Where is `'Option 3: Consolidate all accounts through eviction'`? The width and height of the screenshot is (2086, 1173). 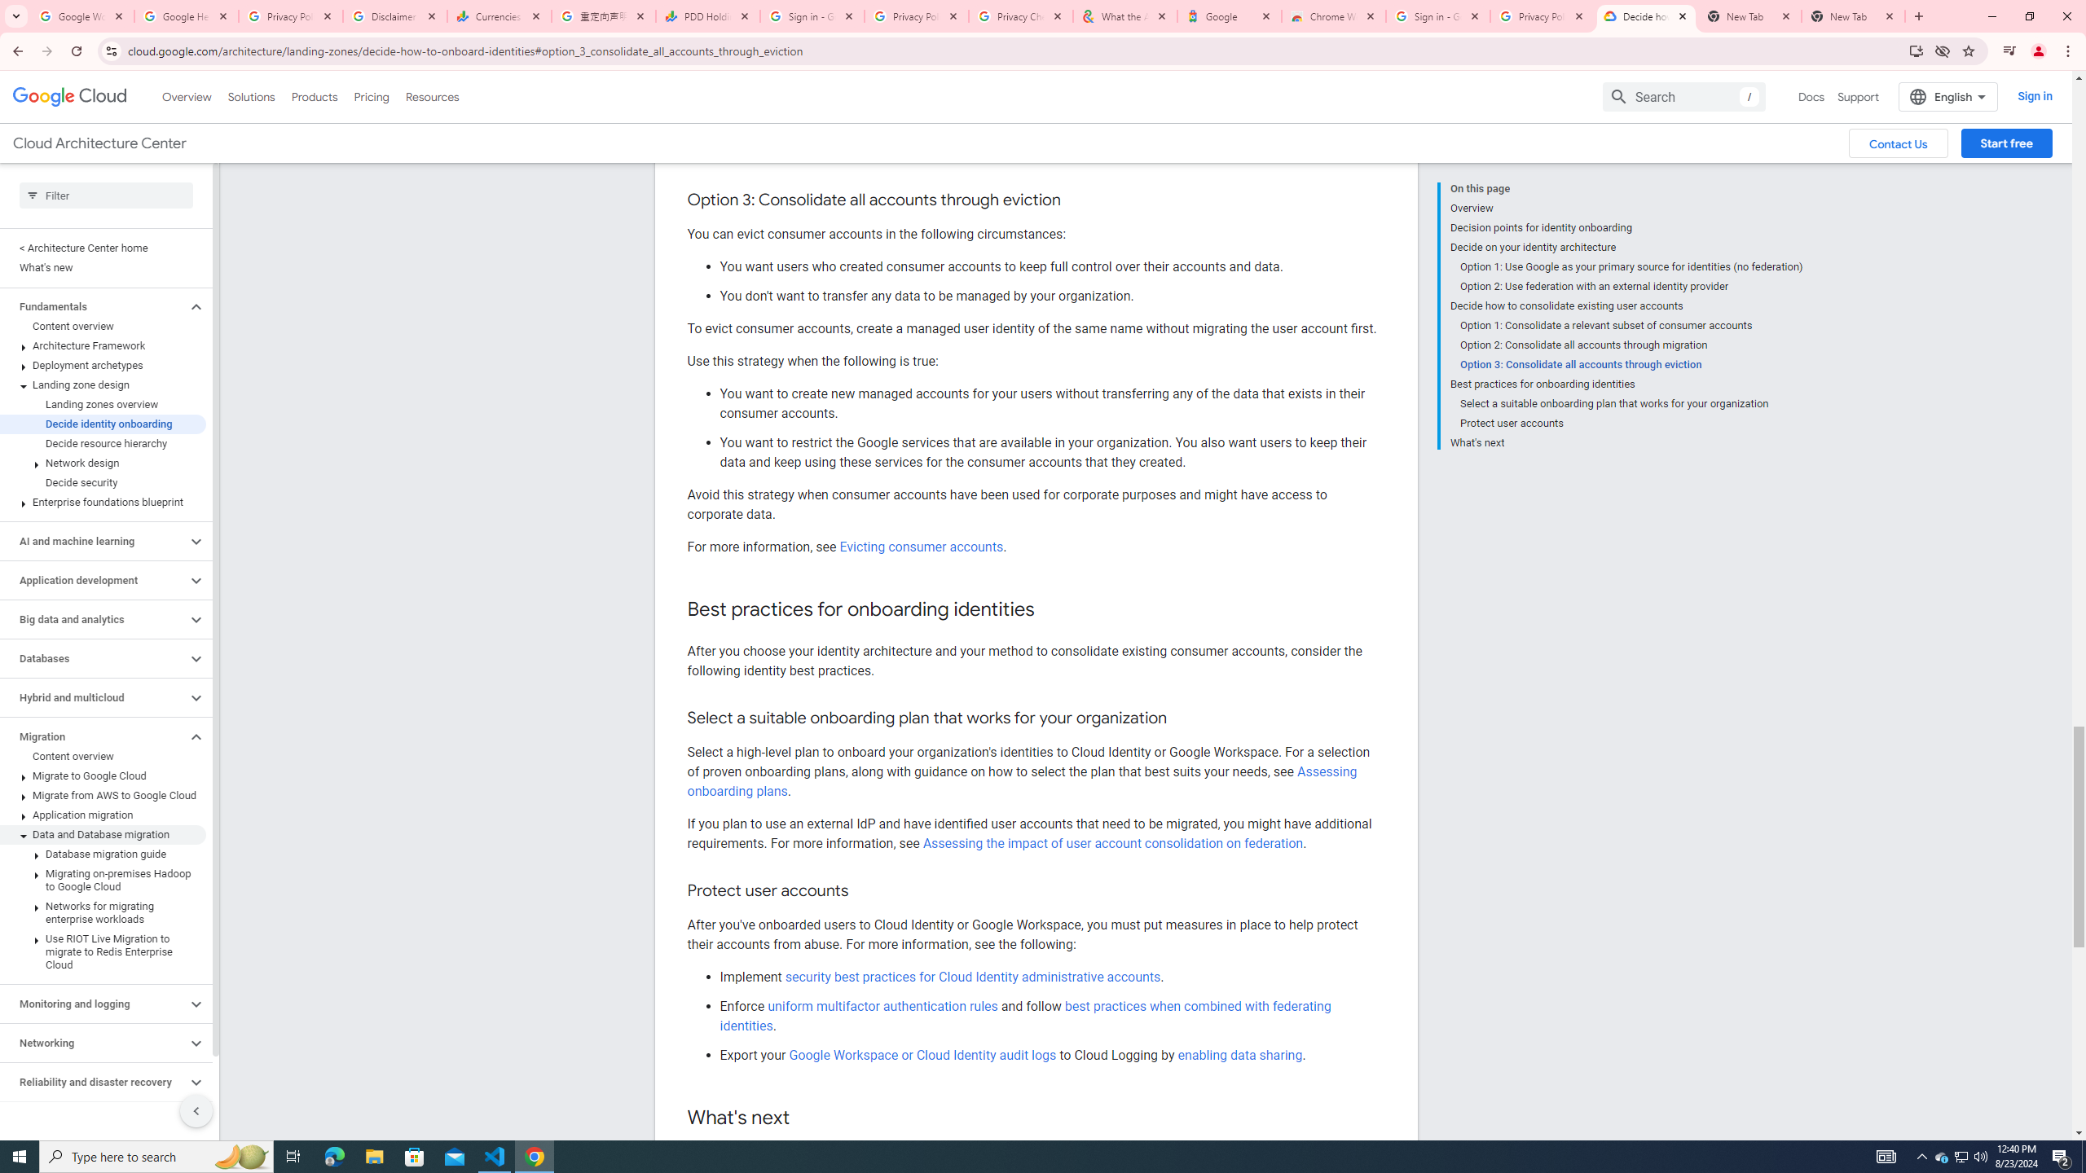 'Option 3: Consolidate all accounts through eviction' is located at coordinates (1631, 364).